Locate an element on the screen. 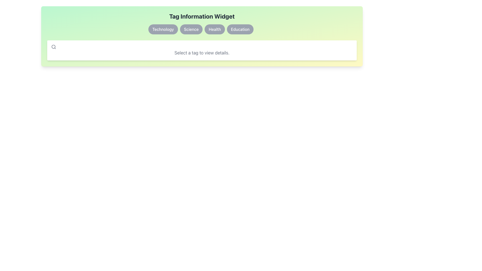 Image resolution: width=482 pixels, height=271 pixels. the 'Science' category button located below the 'Tag Information Widget' title for keyboard navigation is located at coordinates (191, 29).